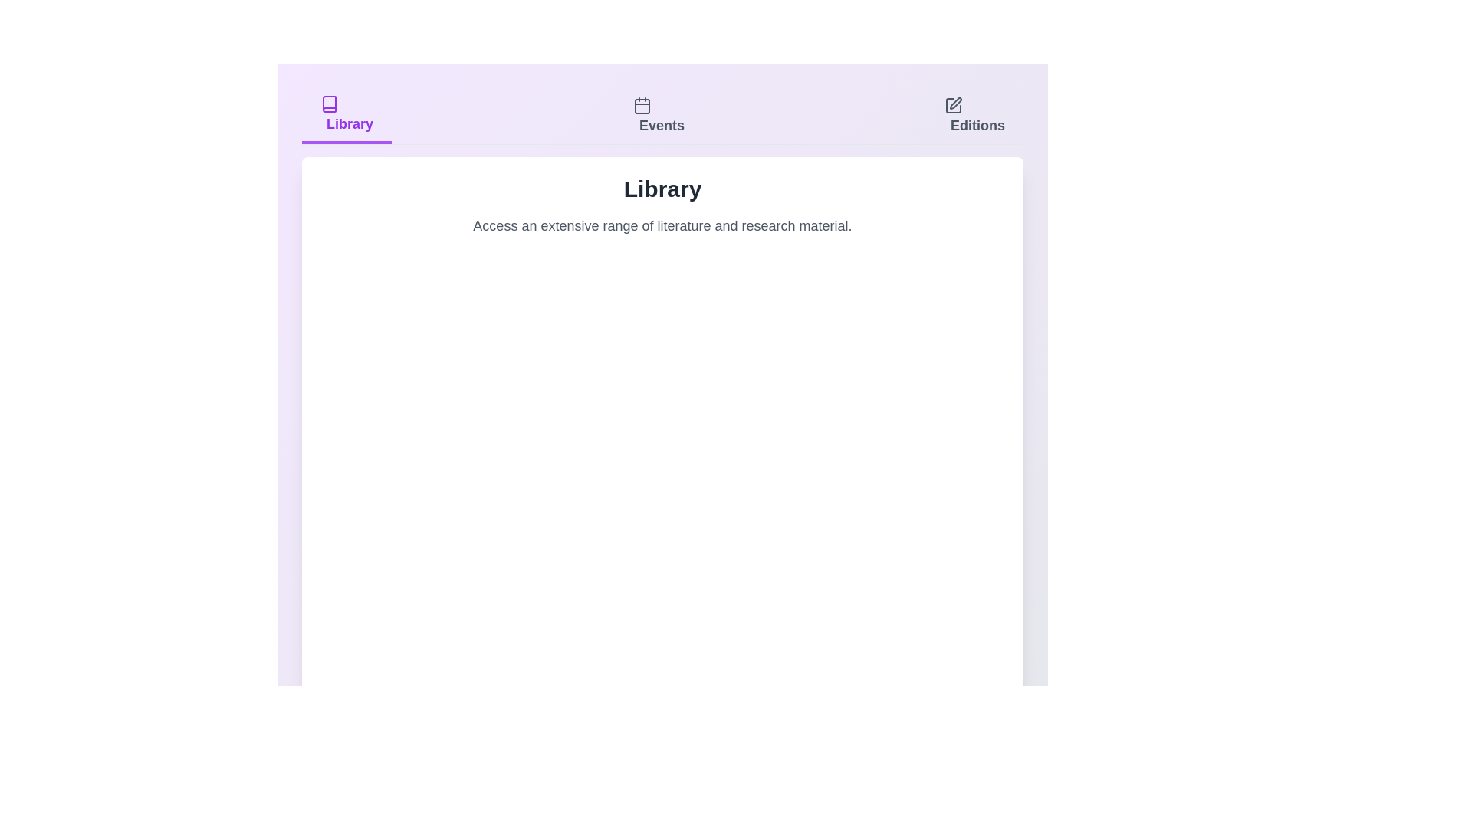 Image resolution: width=1472 pixels, height=828 pixels. I want to click on the Editions tab by clicking on its title or icon, so click(974, 115).